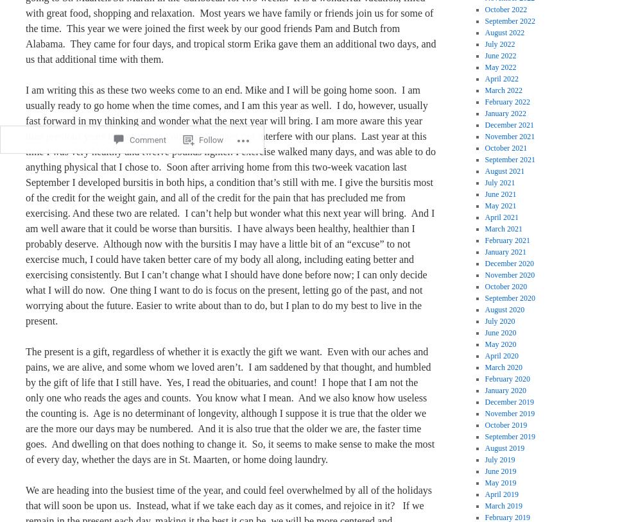 The image size is (629, 522). I want to click on 'October 2020', so click(506, 285).